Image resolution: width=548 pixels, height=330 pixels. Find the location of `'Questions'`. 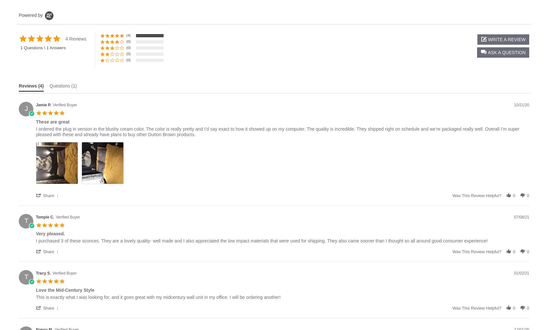

'Questions' is located at coordinates (59, 86).